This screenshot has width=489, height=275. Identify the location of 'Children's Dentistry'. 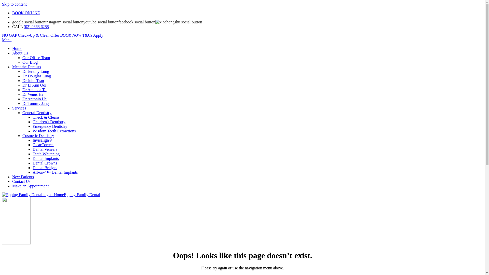
(49, 122).